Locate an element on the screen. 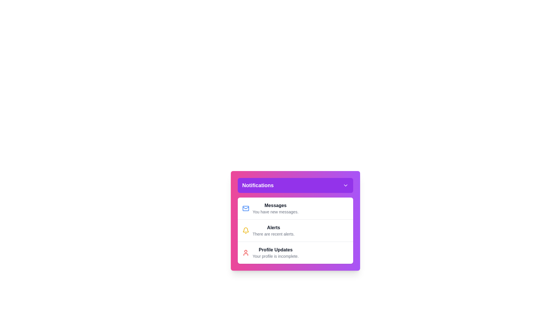 The height and width of the screenshot is (311, 554). the Notification item that informs the user about the status of their profile being incomplete is located at coordinates (295, 252).